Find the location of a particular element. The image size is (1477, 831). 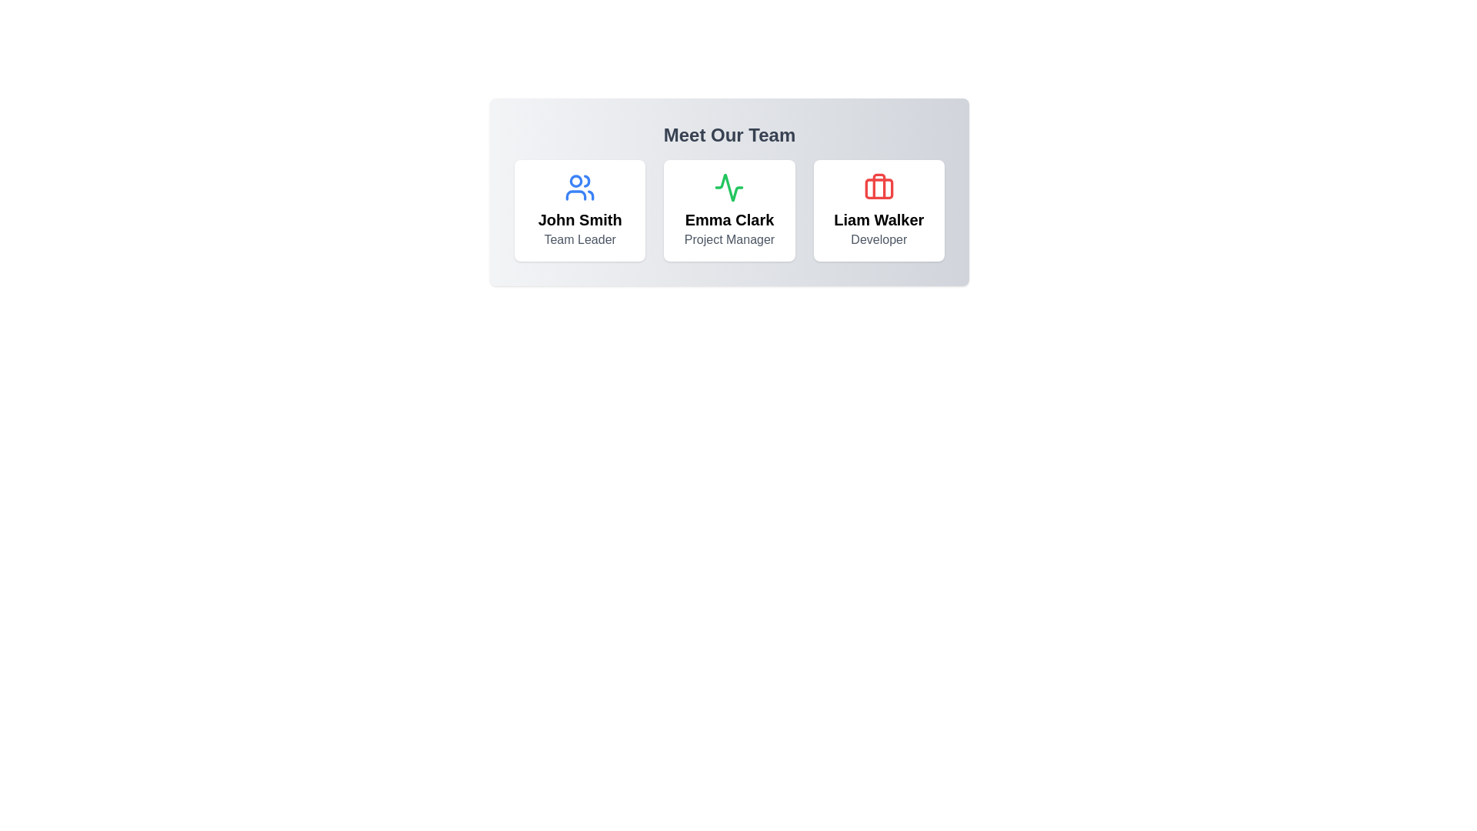

the team icon located at the top-center of the first card under the 'Meet Our Team' heading, which visually represents a team or group concept is located at coordinates (579, 186).